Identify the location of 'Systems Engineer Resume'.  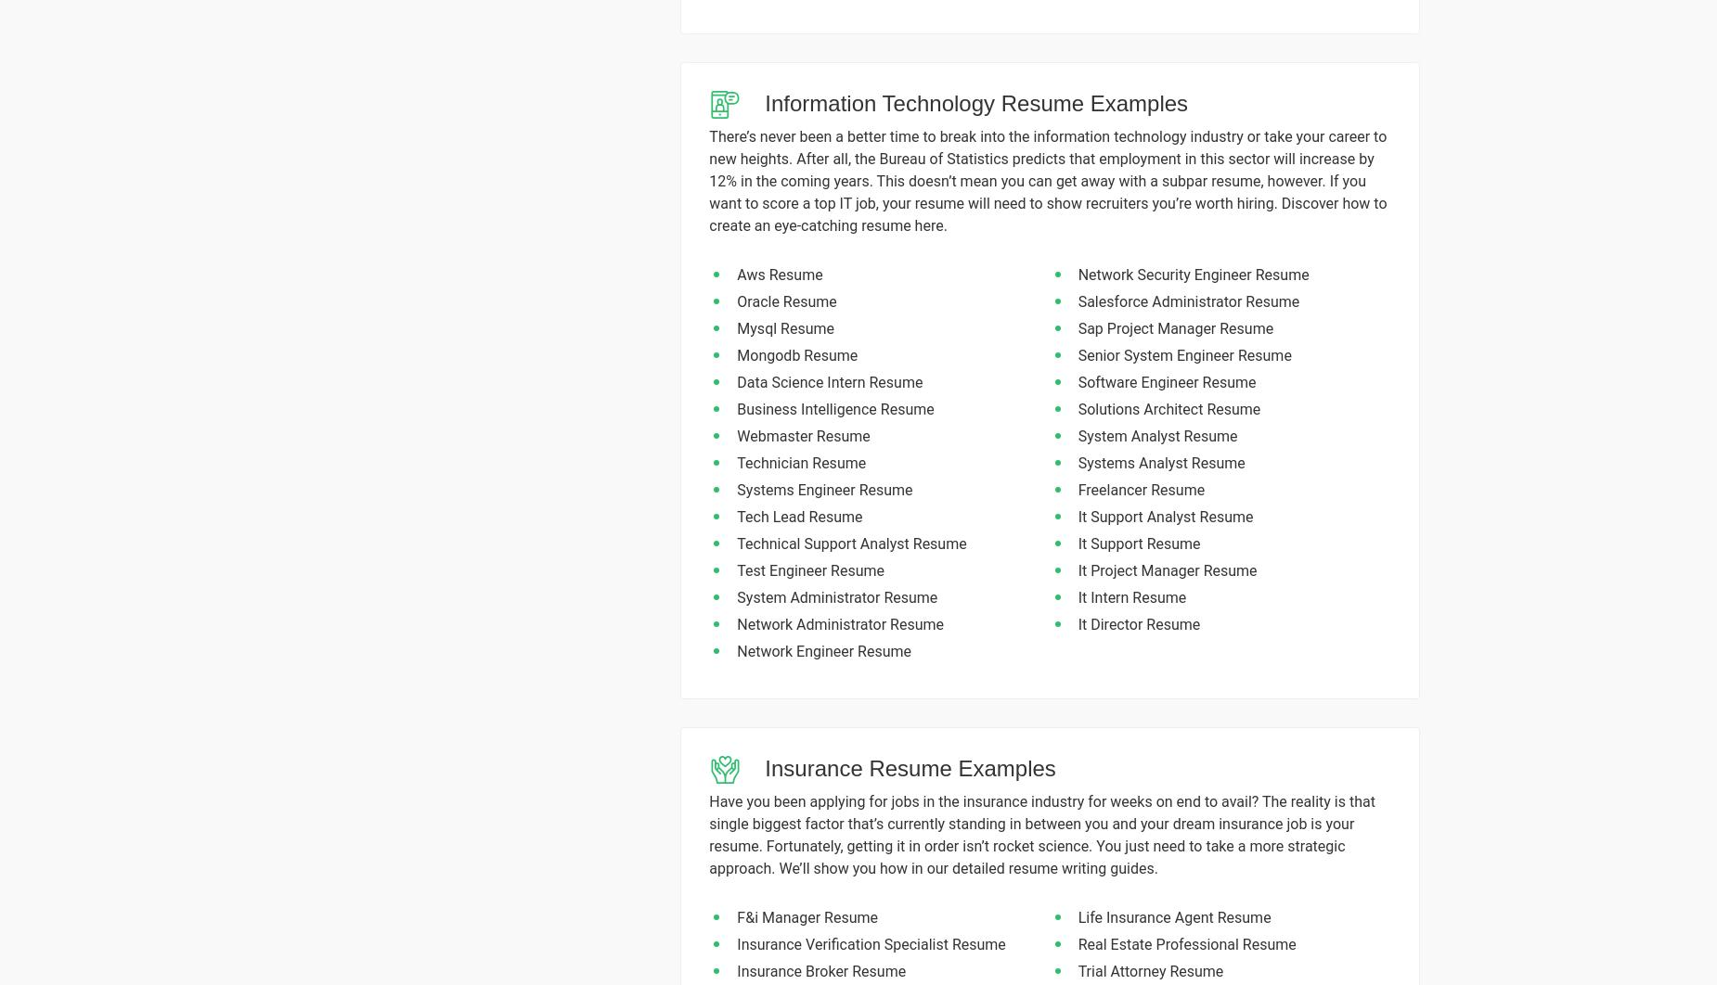
(824, 489).